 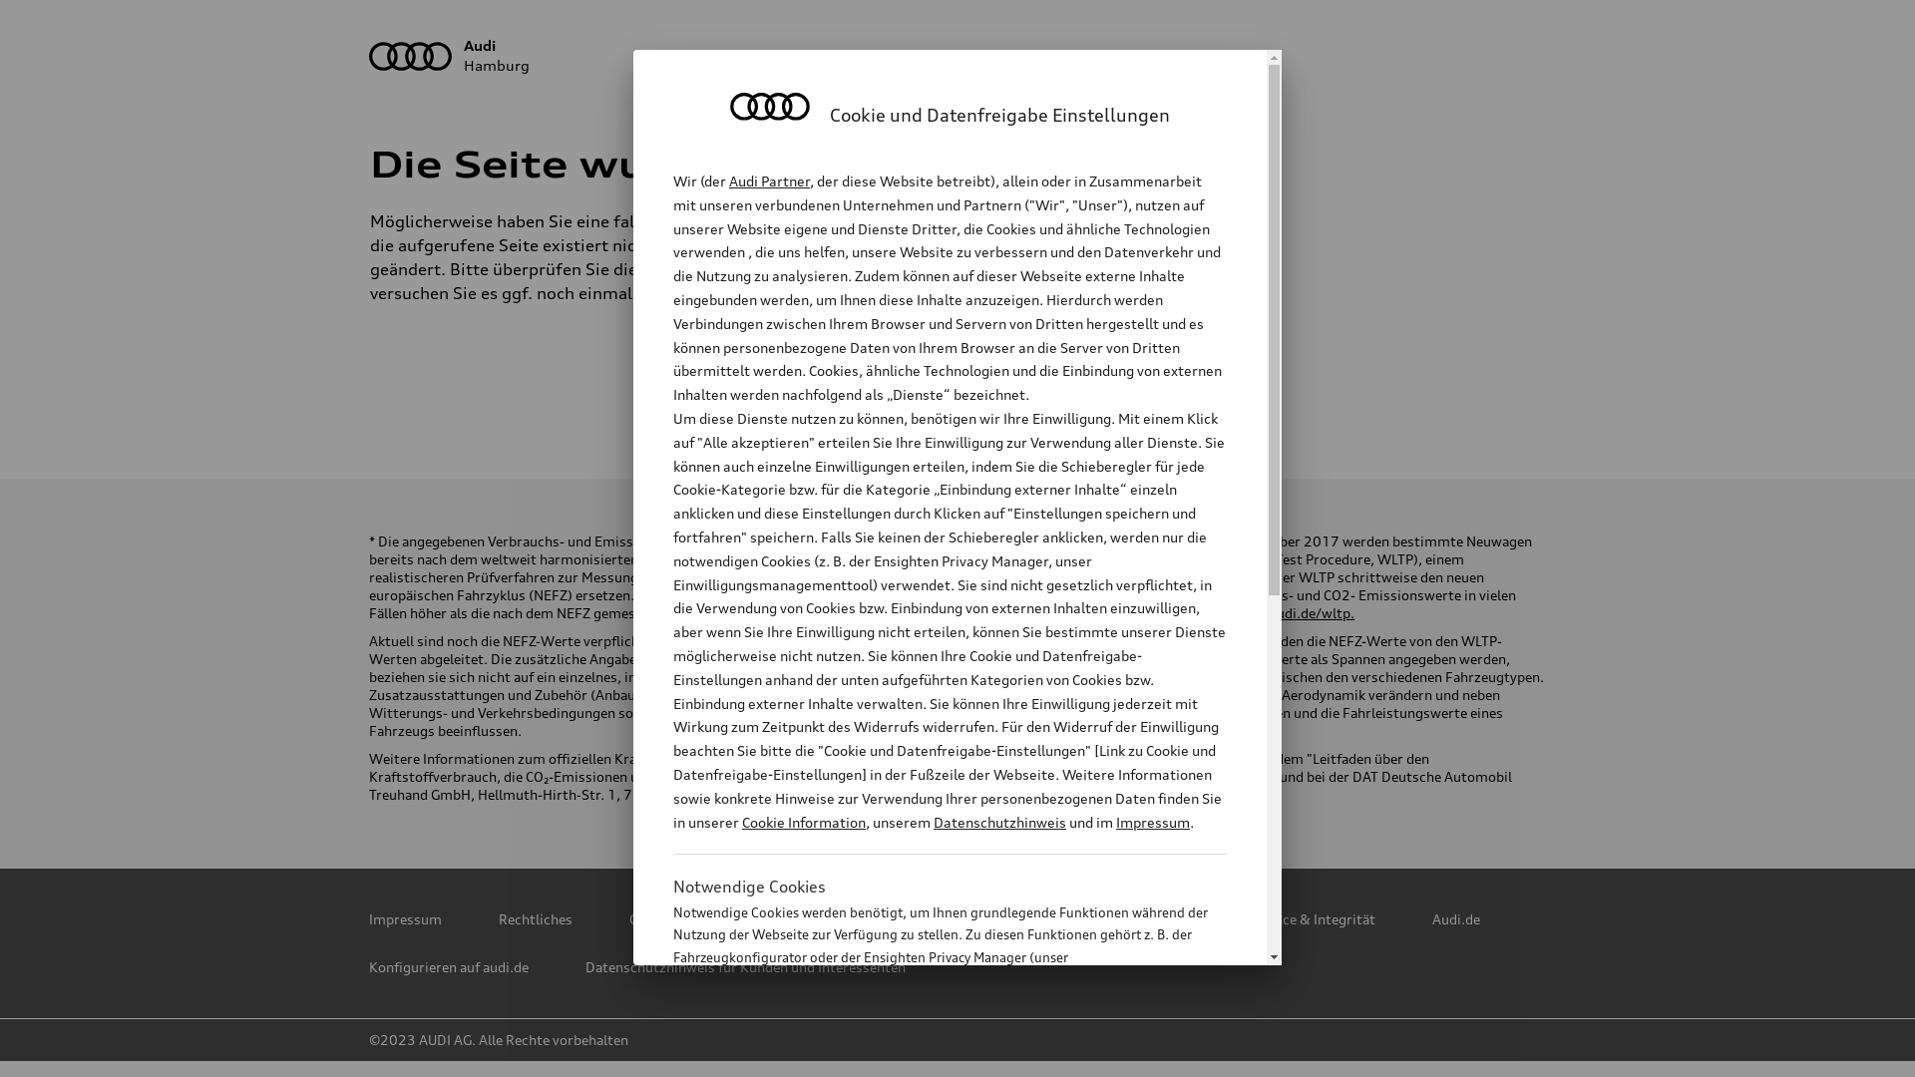 What do you see at coordinates (999, 822) in the screenshot?
I see `'Datenschutzhinweis'` at bounding box center [999, 822].